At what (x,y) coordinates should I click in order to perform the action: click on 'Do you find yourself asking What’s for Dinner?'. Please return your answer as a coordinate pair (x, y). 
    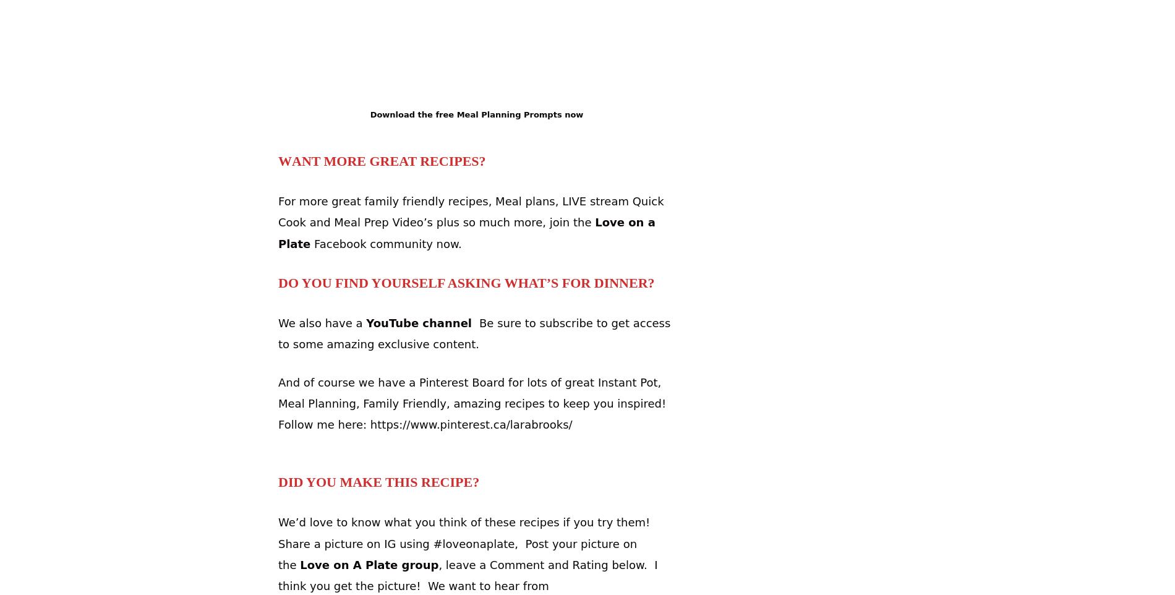
    Looking at the image, I should click on (465, 282).